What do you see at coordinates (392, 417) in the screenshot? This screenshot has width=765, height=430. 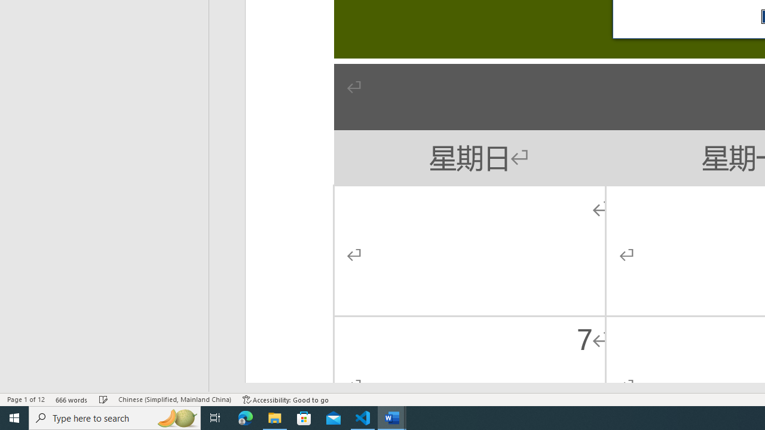 I see `'Word - 2 running windows'` at bounding box center [392, 417].